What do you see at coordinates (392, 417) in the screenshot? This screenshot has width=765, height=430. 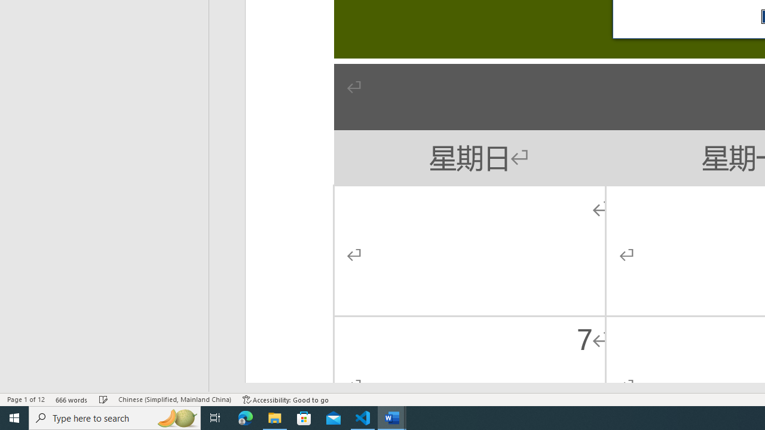 I see `'Word - 2 running windows'` at bounding box center [392, 417].